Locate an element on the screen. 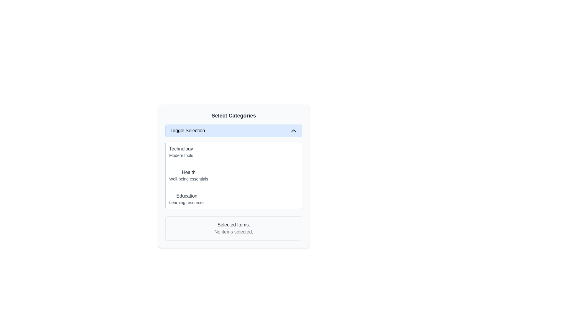 The height and width of the screenshot is (318, 566). the category title text element positioned above 'Modern tools' in the 'Select Categories' section to highlight it is located at coordinates (181, 148).